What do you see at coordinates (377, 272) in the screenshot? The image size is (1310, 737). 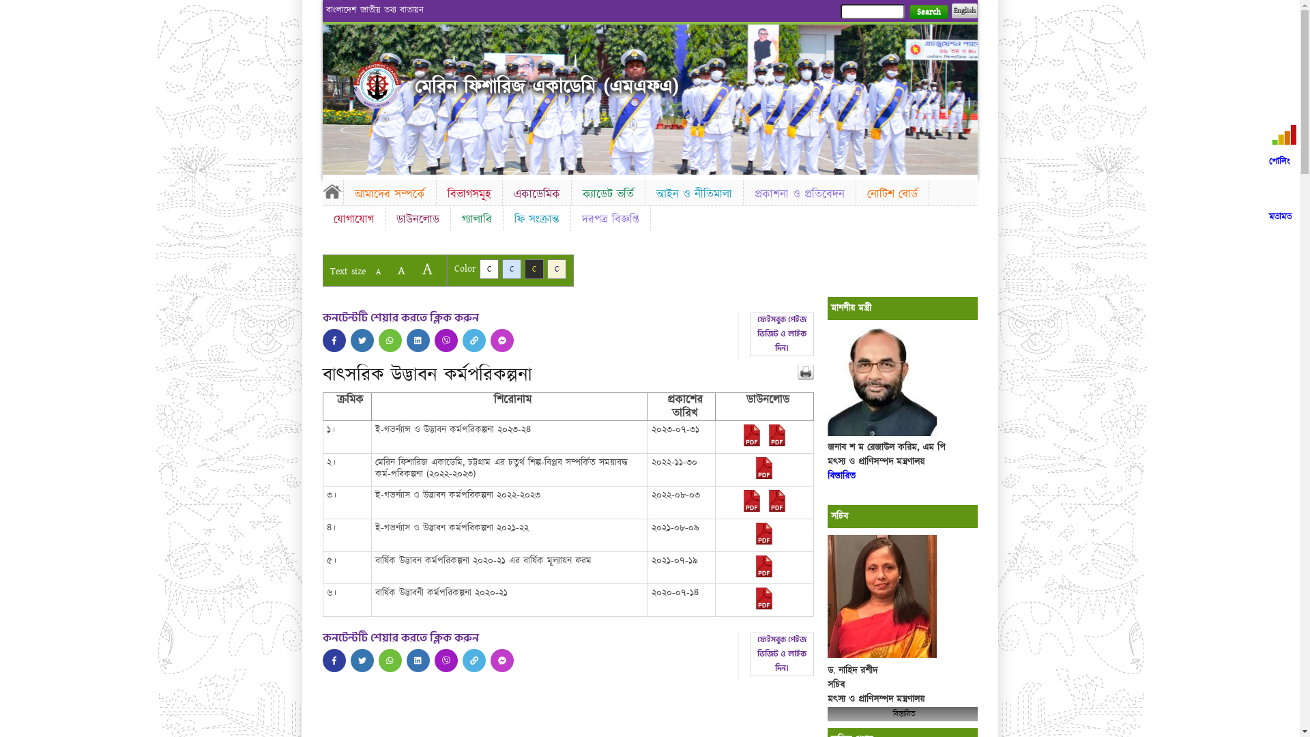 I see `'A'` at bounding box center [377, 272].